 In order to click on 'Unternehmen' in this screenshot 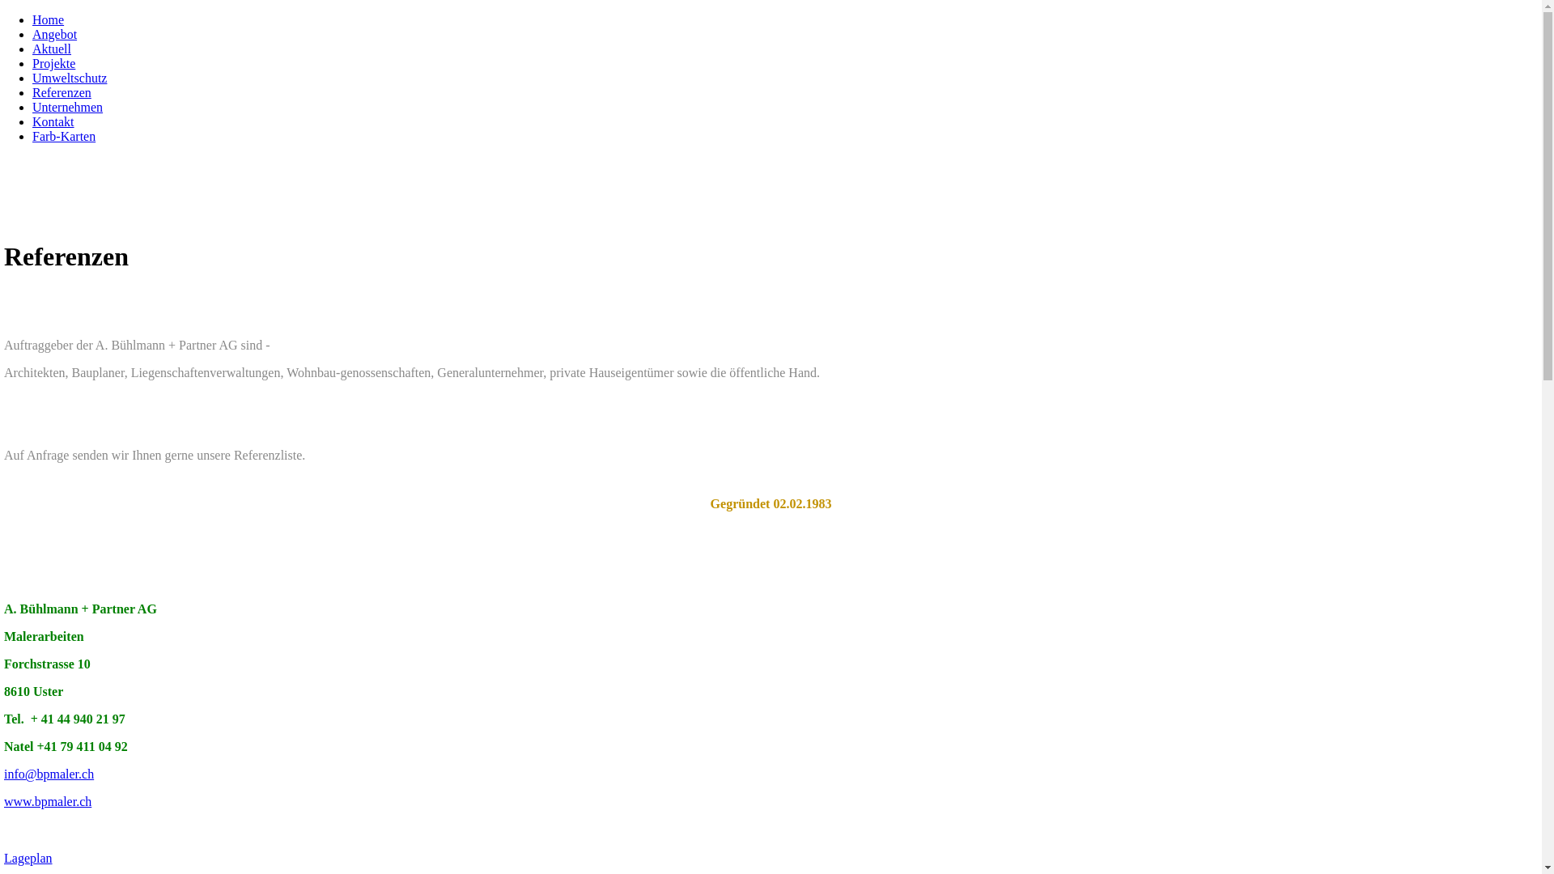, I will do `click(66, 107)`.